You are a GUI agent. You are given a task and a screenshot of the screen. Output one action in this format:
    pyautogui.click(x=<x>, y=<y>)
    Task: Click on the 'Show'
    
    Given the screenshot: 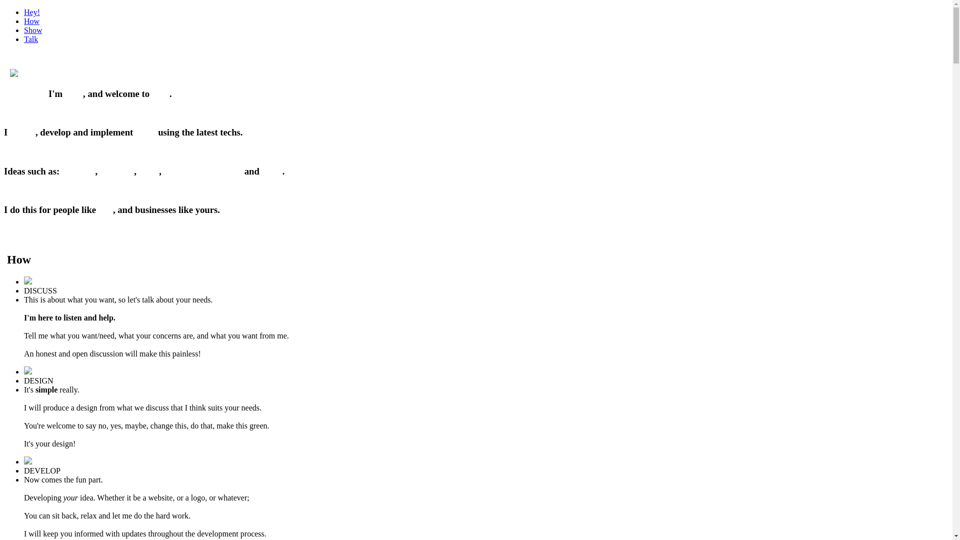 What is the action you would take?
    pyautogui.click(x=33, y=29)
    